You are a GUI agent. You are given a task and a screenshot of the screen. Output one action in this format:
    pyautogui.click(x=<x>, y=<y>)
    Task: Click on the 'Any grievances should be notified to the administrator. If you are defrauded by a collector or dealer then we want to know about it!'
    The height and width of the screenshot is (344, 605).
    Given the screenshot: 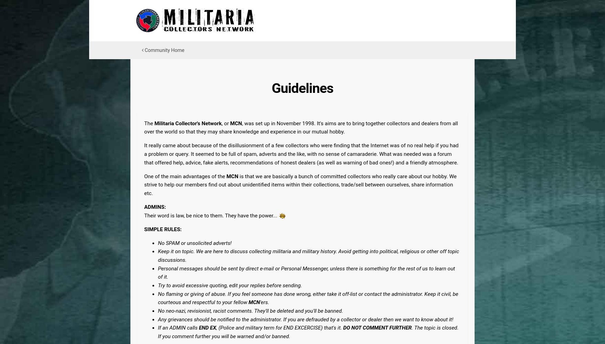 What is the action you would take?
    pyautogui.click(x=305, y=319)
    